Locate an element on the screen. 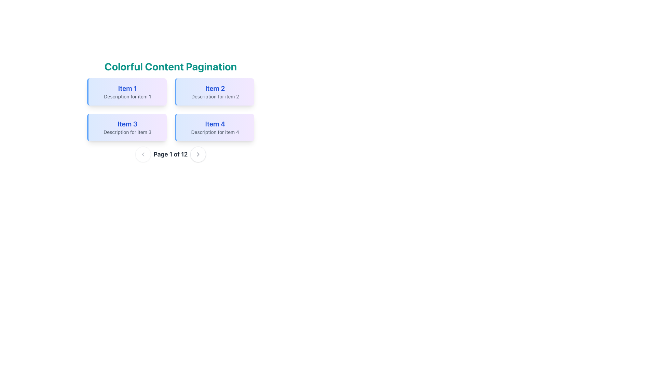 This screenshot has height=369, width=656. the static text display that shows 'Page 1 of 12', indicating pagination information, located centrally in the pagination section is located at coordinates (170, 154).